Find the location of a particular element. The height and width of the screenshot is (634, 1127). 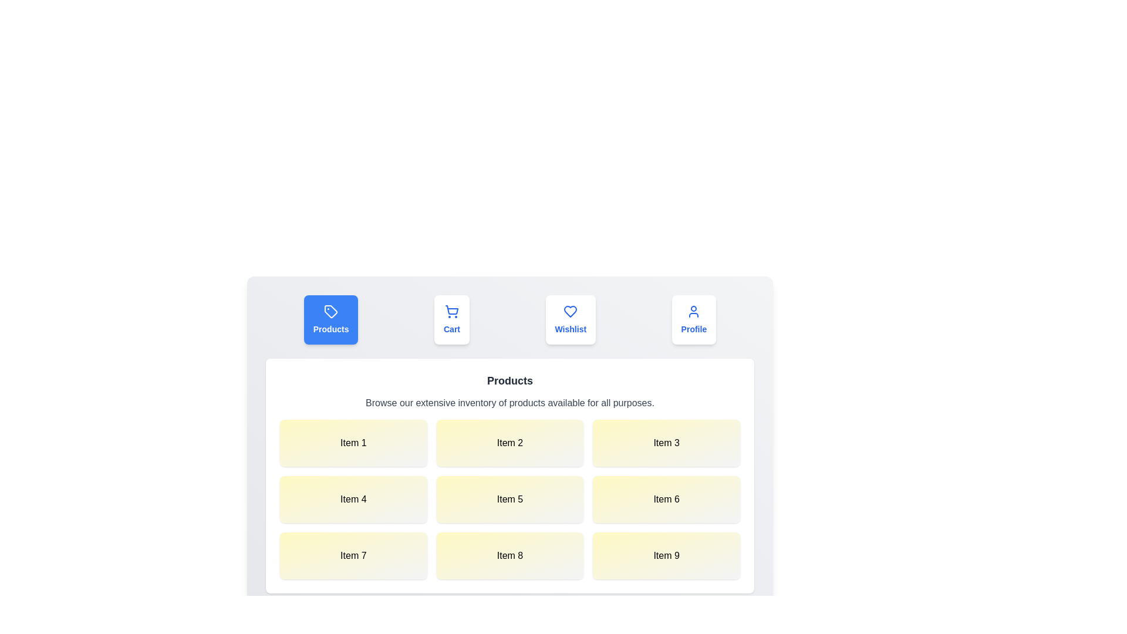

the tab labeled Products to trigger its hover effect is located at coordinates (330, 319).